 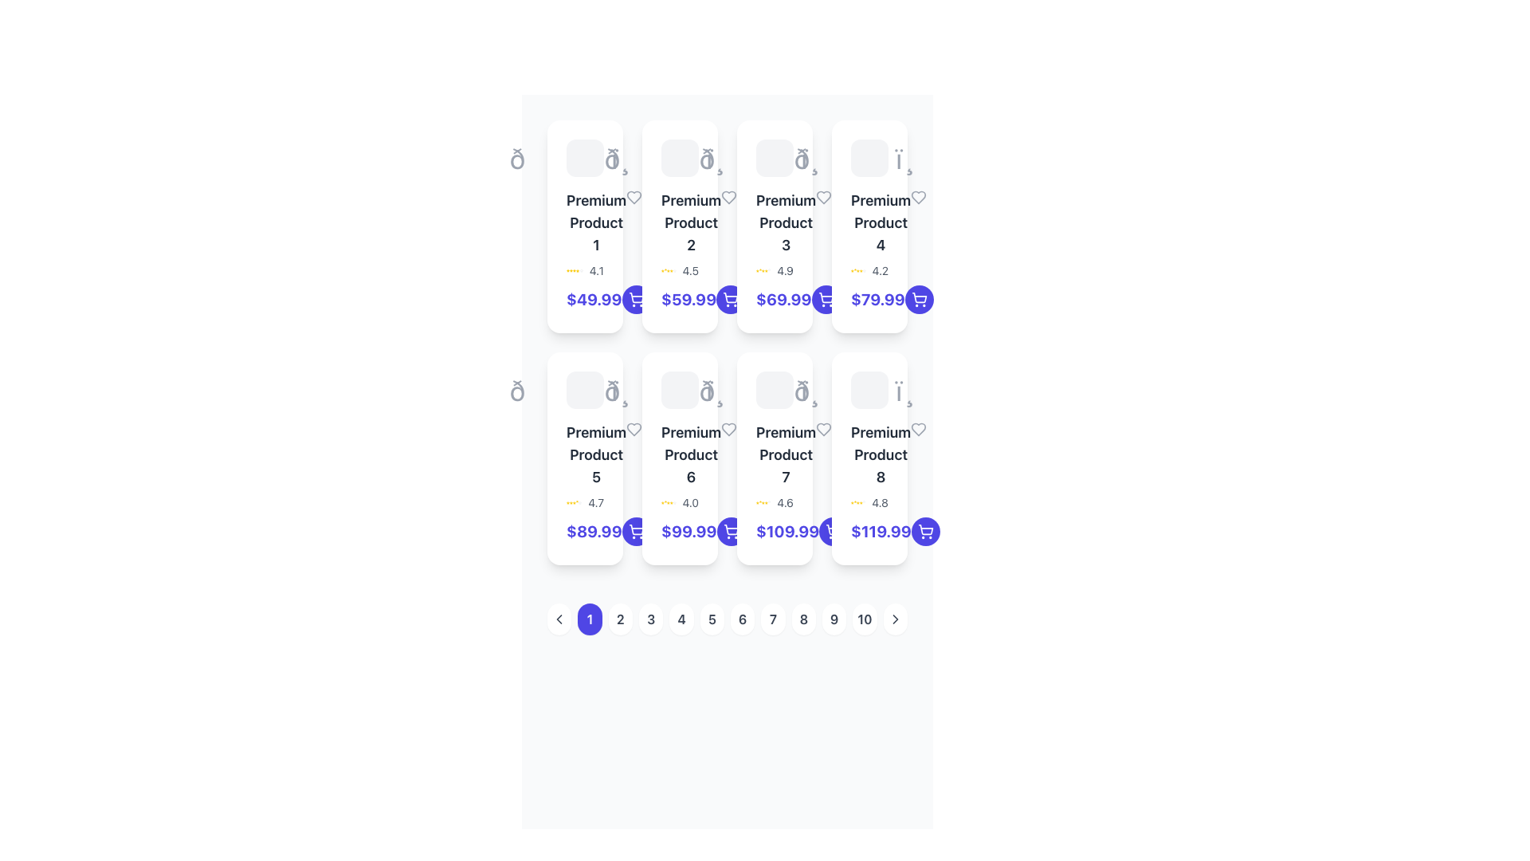 What do you see at coordinates (775, 503) in the screenshot?
I see `rating value displayed by the star rating in the product card labeled 'Premium Product 7', which shows a rating of '4.6'` at bounding box center [775, 503].